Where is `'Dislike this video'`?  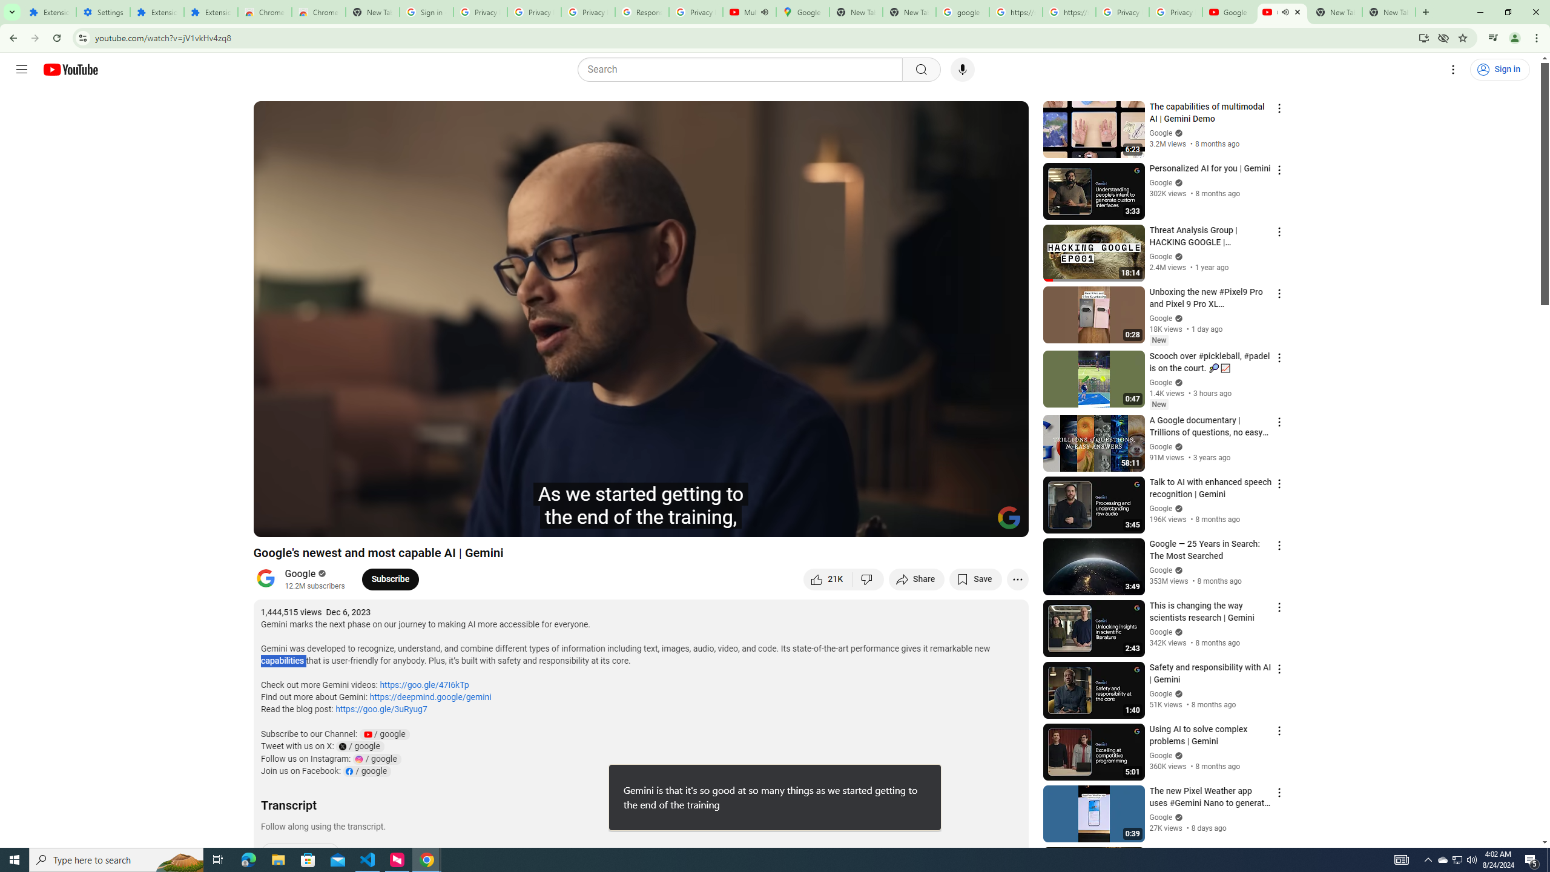 'Dislike this video' is located at coordinates (868, 578).